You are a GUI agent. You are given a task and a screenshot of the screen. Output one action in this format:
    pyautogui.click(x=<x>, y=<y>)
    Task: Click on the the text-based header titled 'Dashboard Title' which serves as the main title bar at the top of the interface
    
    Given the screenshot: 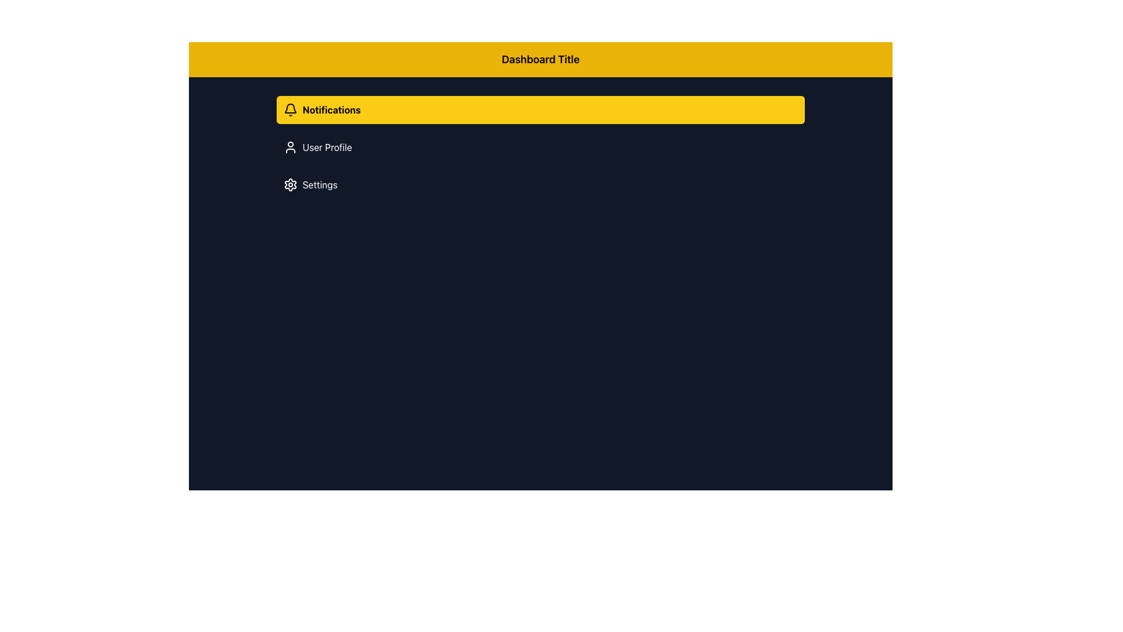 What is the action you would take?
    pyautogui.click(x=540, y=59)
    